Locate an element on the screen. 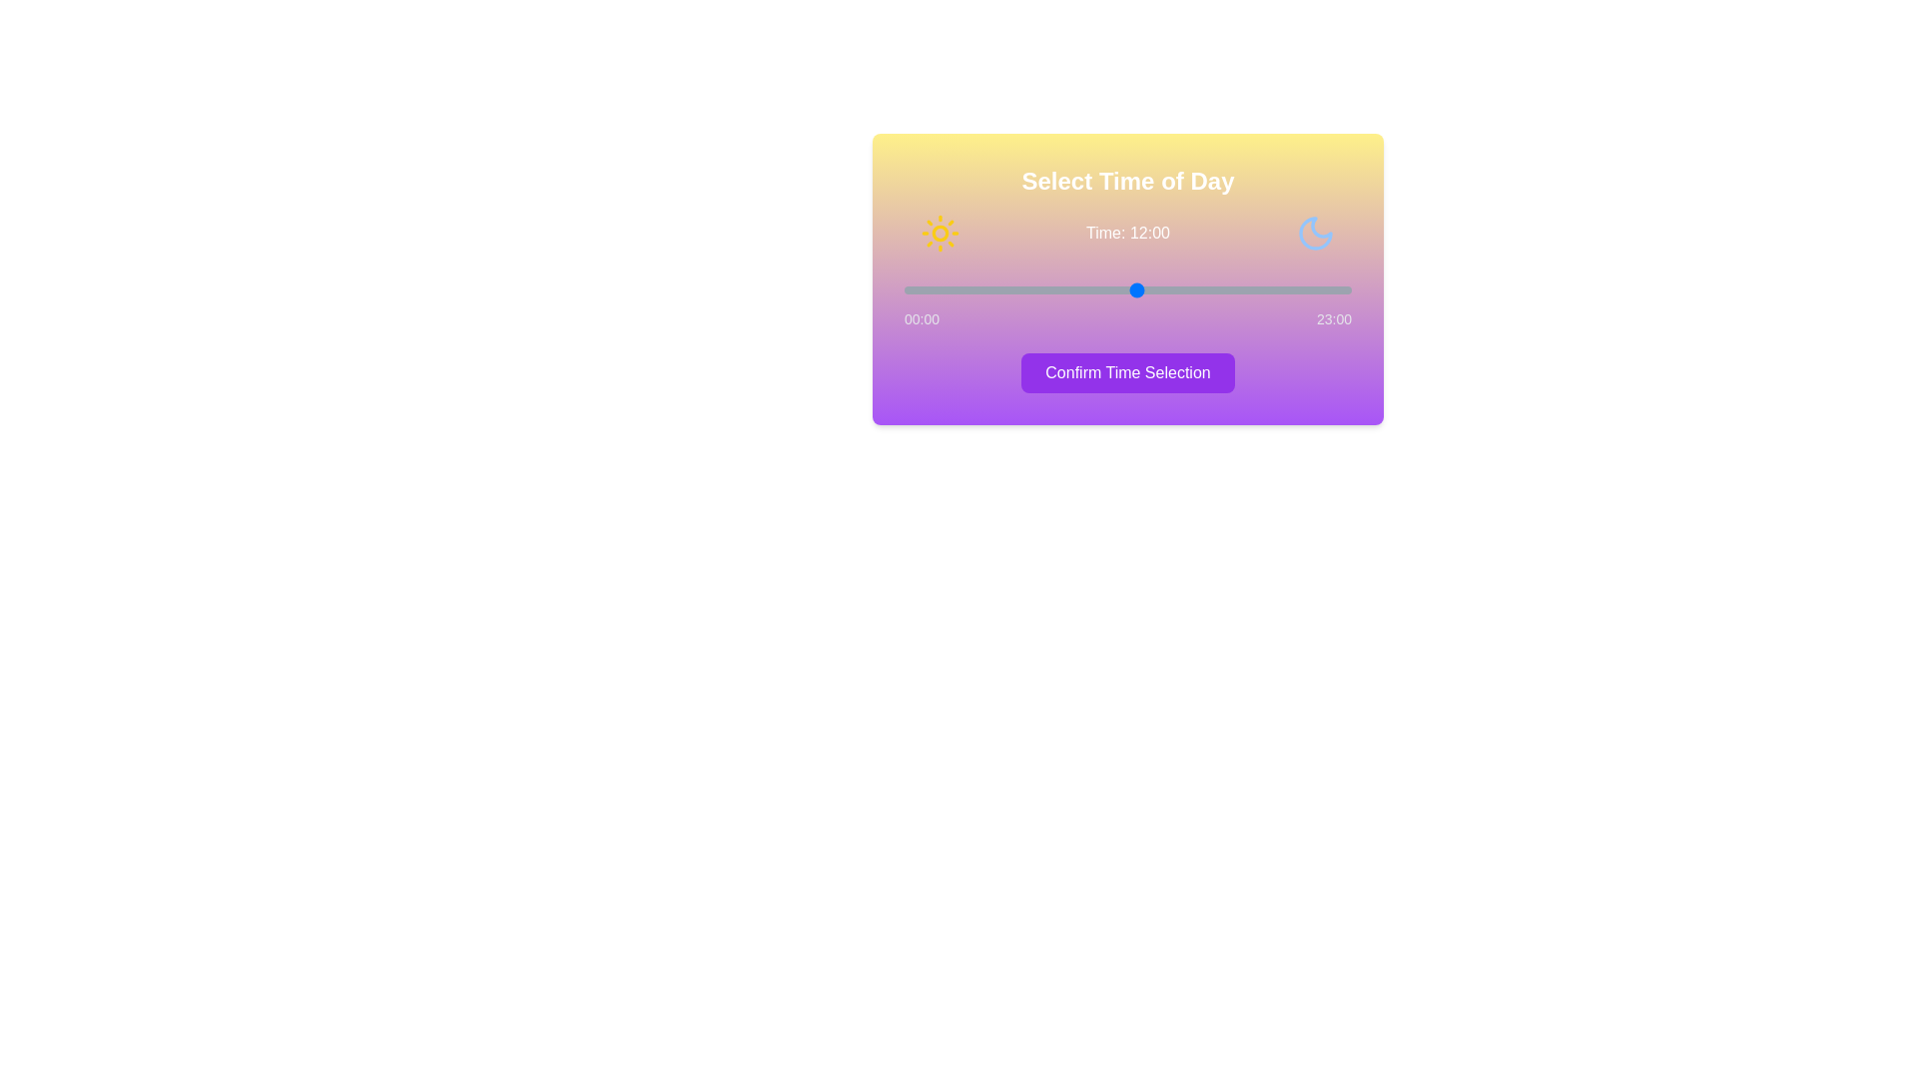 This screenshot has width=1917, height=1078. the time slider to set the time to 5 is located at coordinates (1001, 289).